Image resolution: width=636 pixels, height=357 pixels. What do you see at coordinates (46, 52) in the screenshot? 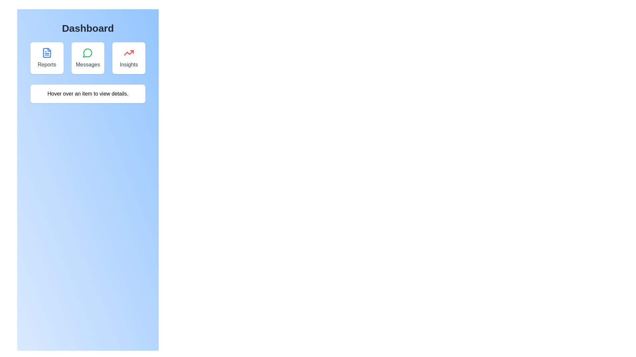
I see `the decorative file icon representing 'Reports' located at the top left section of the blue sidebar` at bounding box center [46, 52].